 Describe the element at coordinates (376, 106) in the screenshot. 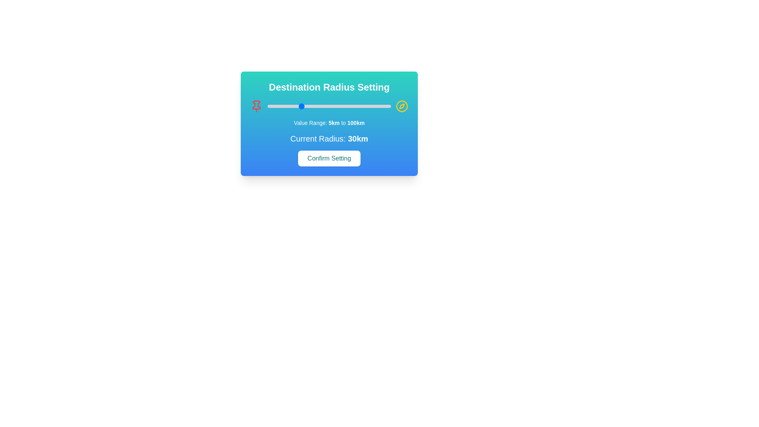

I see `the slider to set the radius to 89 km, observing the visual feedback` at that location.